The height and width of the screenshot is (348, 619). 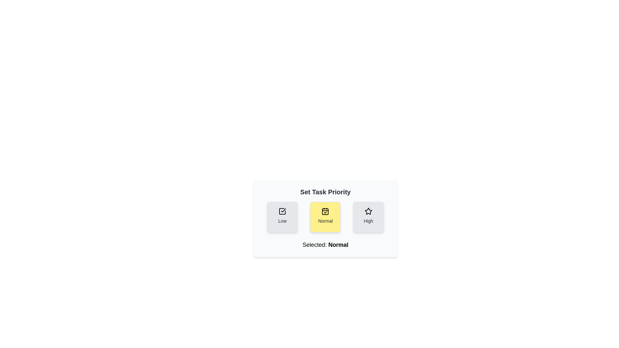 I want to click on the priority button to set the task priority to Low, so click(x=282, y=217).